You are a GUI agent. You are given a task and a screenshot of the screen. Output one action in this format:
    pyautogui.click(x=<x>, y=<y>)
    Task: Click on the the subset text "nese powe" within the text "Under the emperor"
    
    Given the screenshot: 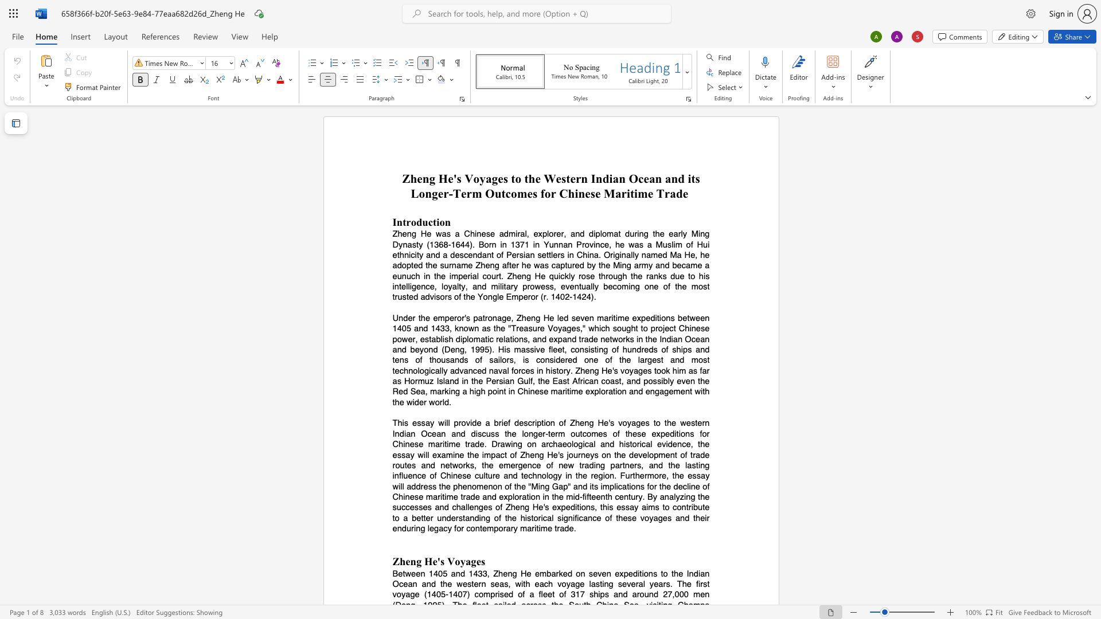 What is the action you would take?
    pyautogui.click(x=690, y=328)
    